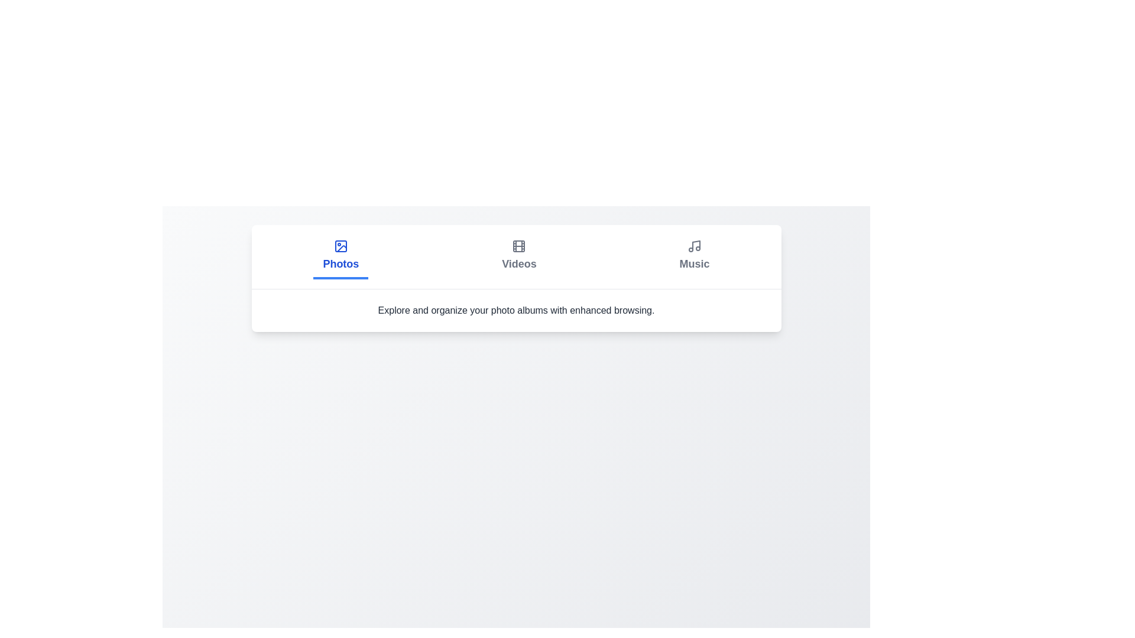  What do you see at coordinates (340, 256) in the screenshot?
I see `the Photos tab by clicking on it` at bounding box center [340, 256].